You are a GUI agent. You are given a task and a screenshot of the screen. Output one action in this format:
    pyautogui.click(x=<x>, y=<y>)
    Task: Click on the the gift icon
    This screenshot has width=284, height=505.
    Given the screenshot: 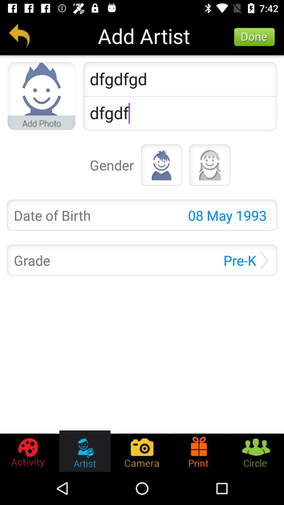 What is the action you would take?
    pyautogui.click(x=199, y=451)
    